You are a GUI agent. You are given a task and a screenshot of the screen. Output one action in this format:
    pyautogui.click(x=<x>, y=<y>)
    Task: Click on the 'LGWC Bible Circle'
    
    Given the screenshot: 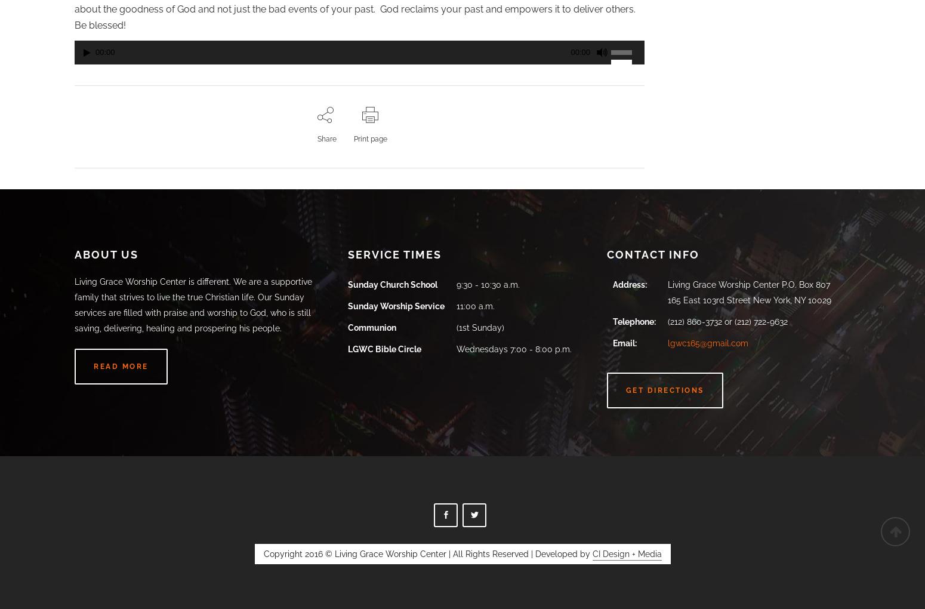 What is the action you would take?
    pyautogui.click(x=347, y=349)
    